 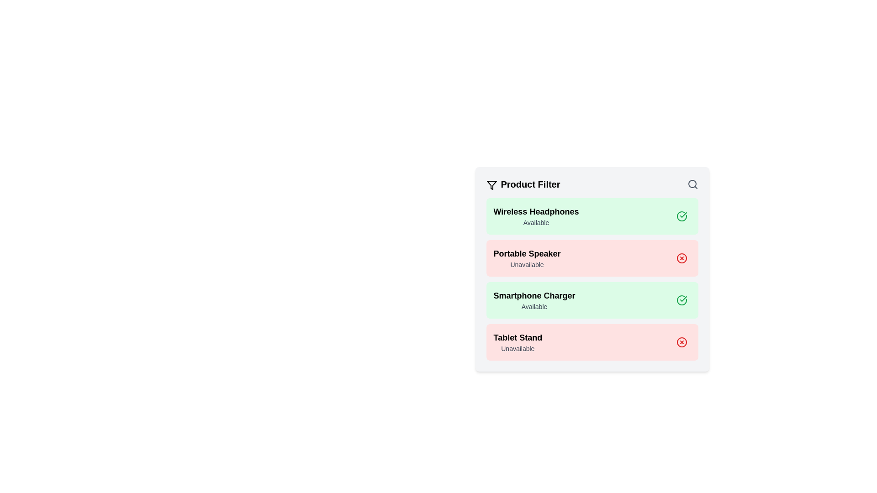 I want to click on text displayed in the Text display area that shows 'Portable Speaker' in bold and 'Unavailable' in smaller gray text on a red background, so click(x=527, y=258).